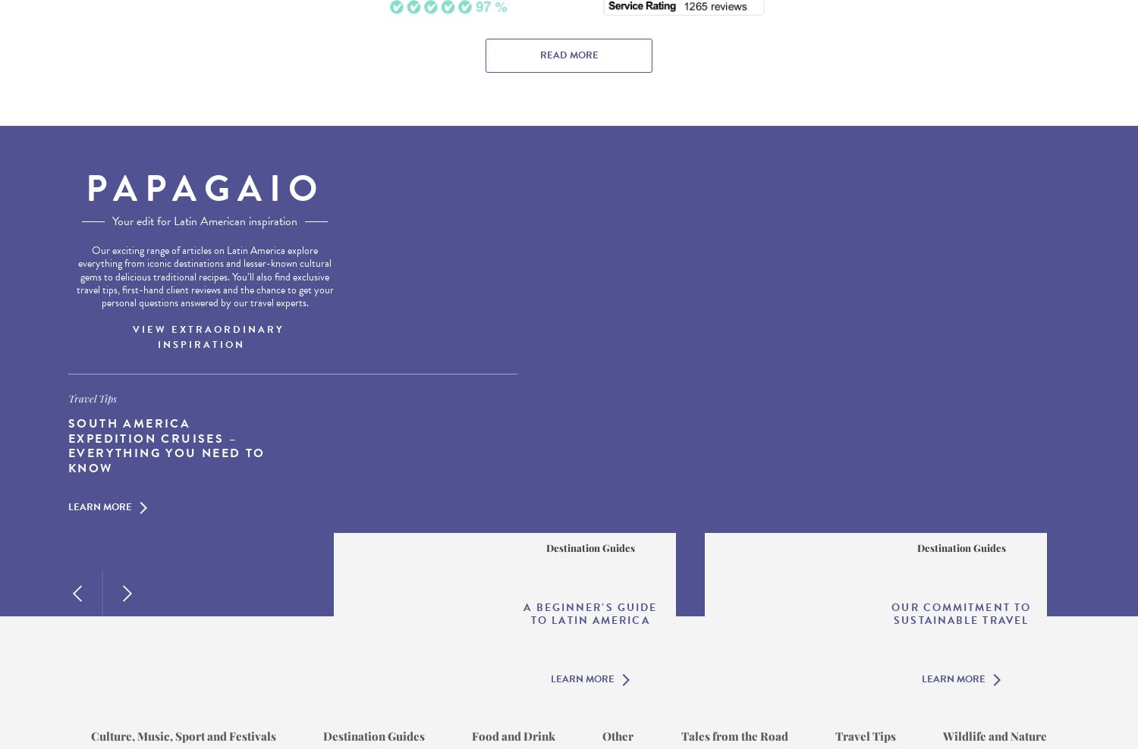 The height and width of the screenshot is (749, 1138). What do you see at coordinates (204, 187) in the screenshot?
I see `'Papagaio'` at bounding box center [204, 187].